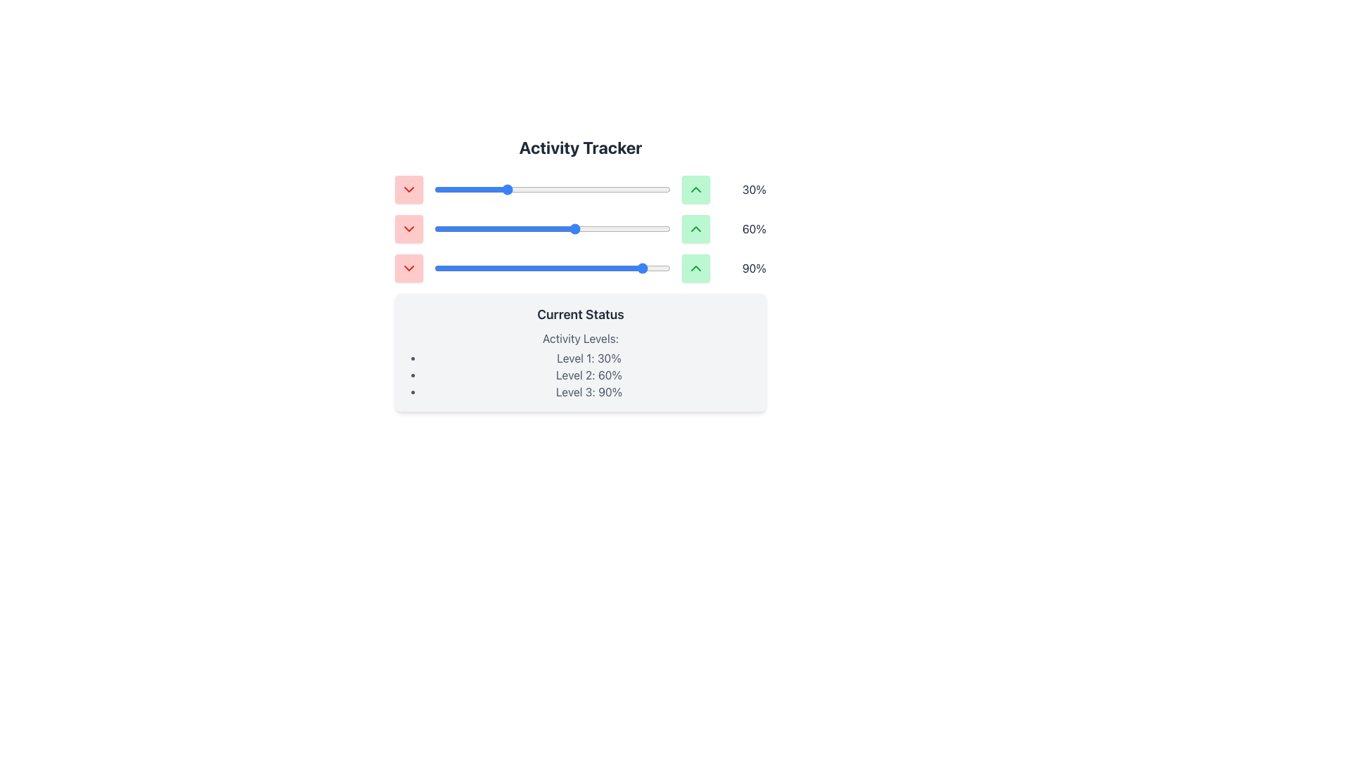  I want to click on the slider value, so click(616, 268).